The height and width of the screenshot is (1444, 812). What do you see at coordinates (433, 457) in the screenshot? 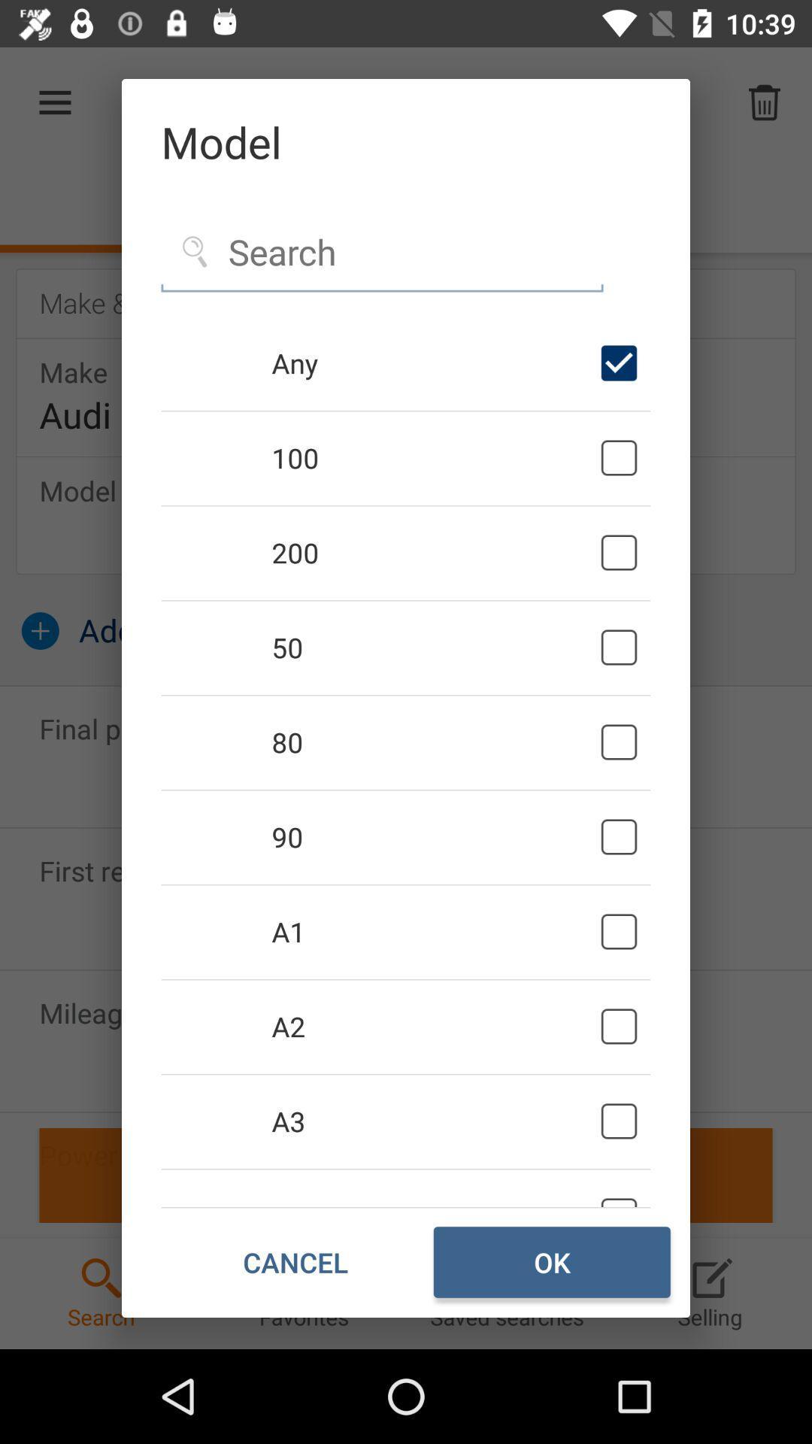
I see `icon below any icon` at bounding box center [433, 457].